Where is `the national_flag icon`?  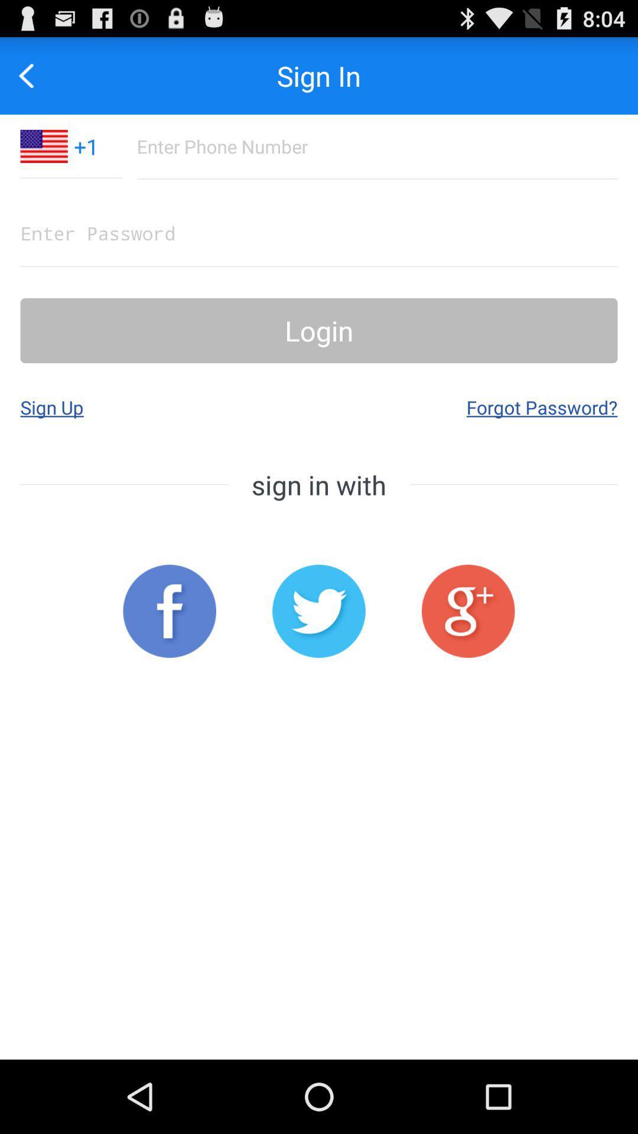 the national_flag icon is located at coordinates (43, 156).